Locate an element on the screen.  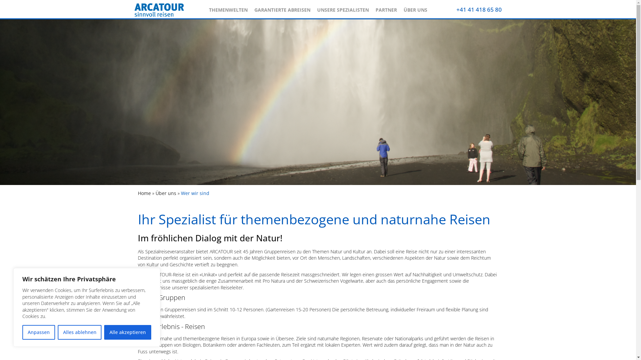
'PARTNER' is located at coordinates (371, 8).